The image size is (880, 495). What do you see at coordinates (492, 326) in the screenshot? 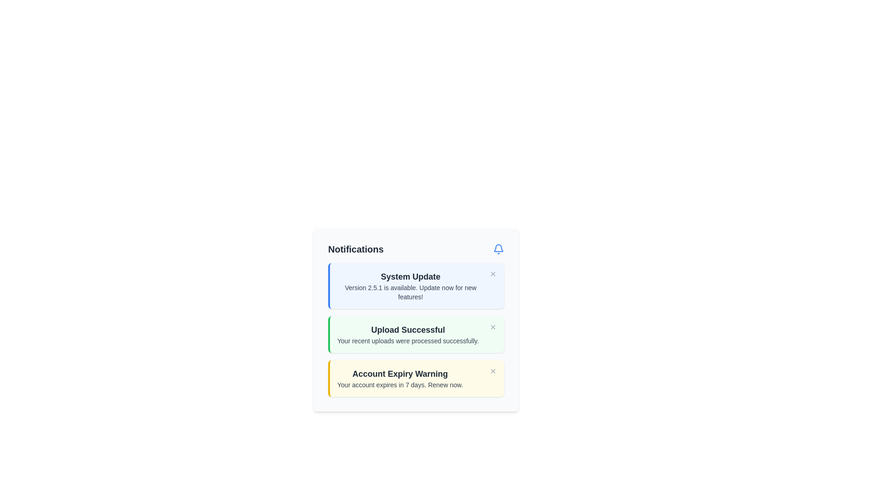
I see `the close button located in the top-right corner of the 'Upload Successful' notification card` at bounding box center [492, 326].